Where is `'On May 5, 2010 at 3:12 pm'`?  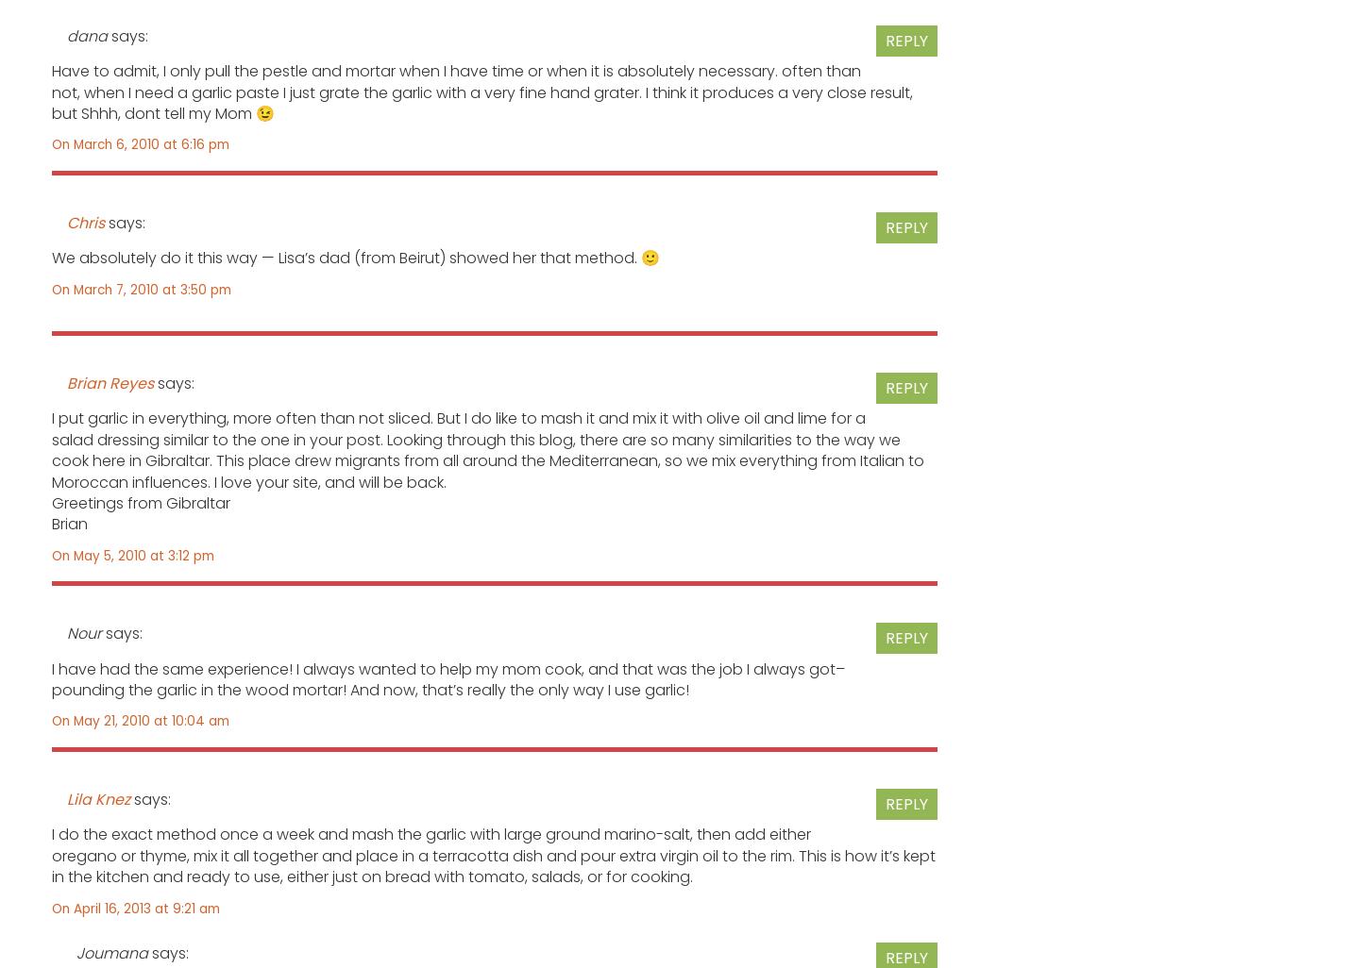
'On May 5, 2010 at 3:12 pm' is located at coordinates (131, 554).